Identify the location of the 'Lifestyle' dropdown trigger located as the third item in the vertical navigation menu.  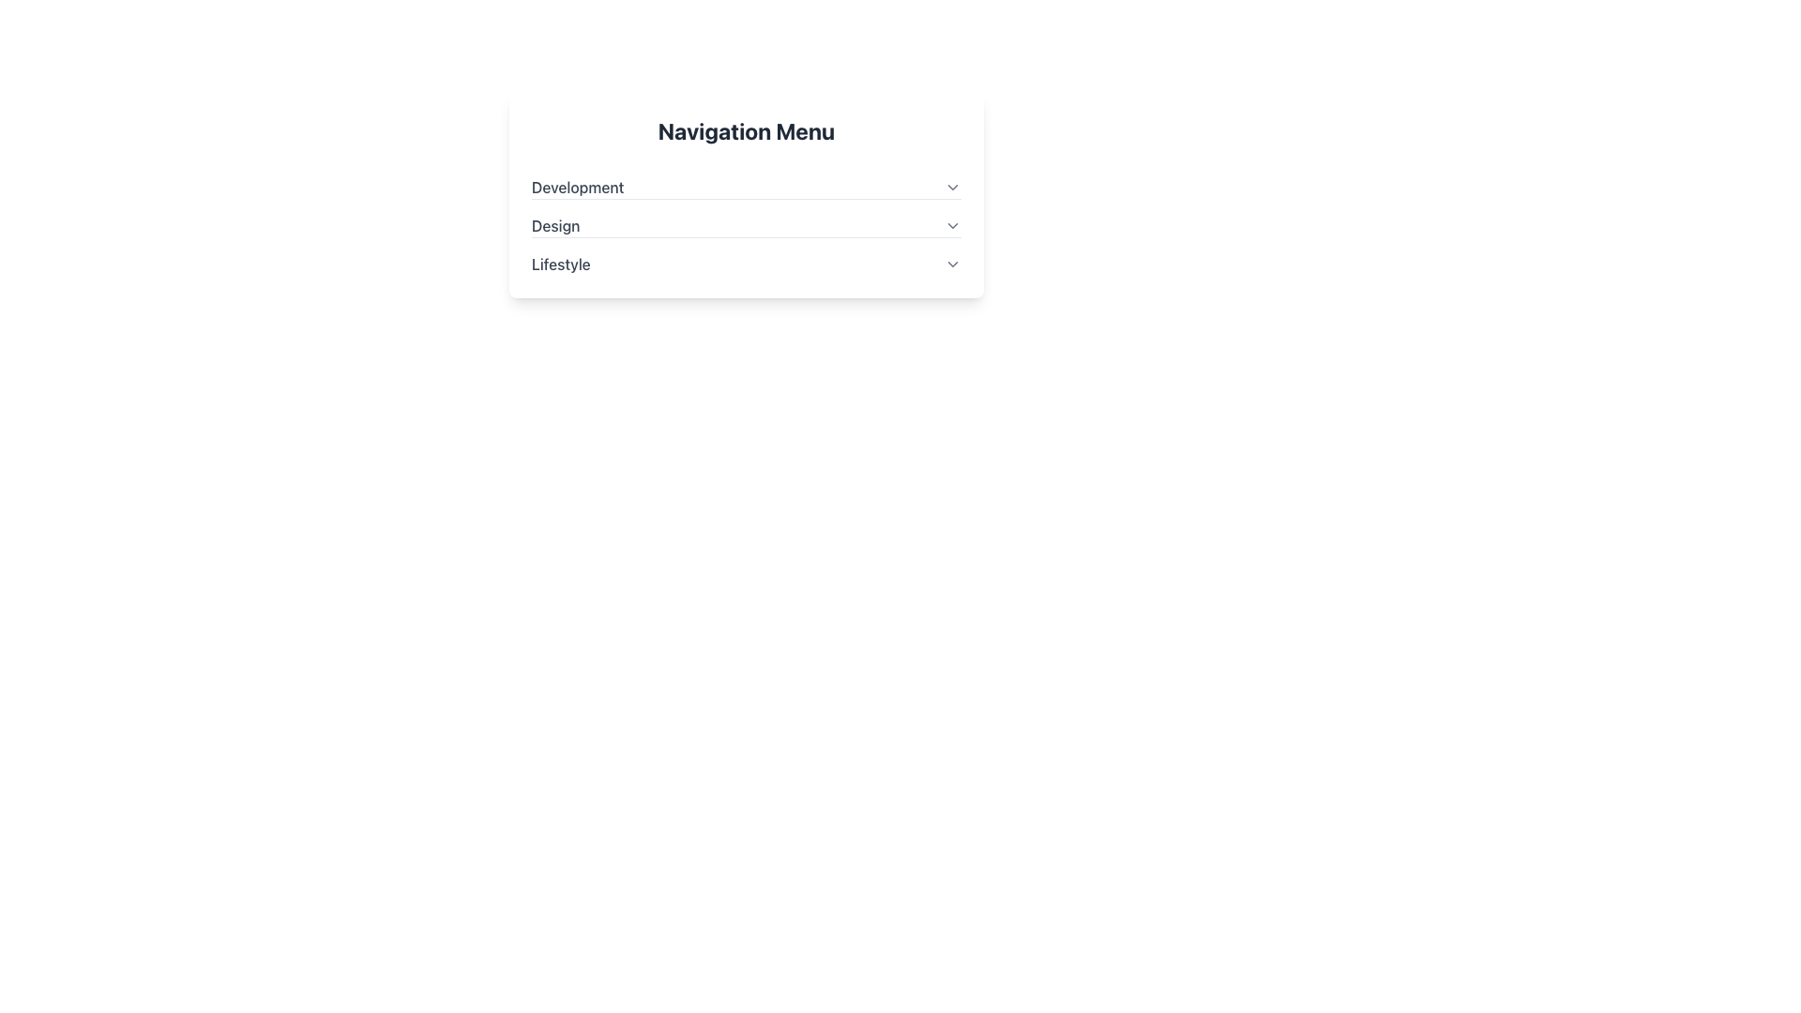
(746, 264).